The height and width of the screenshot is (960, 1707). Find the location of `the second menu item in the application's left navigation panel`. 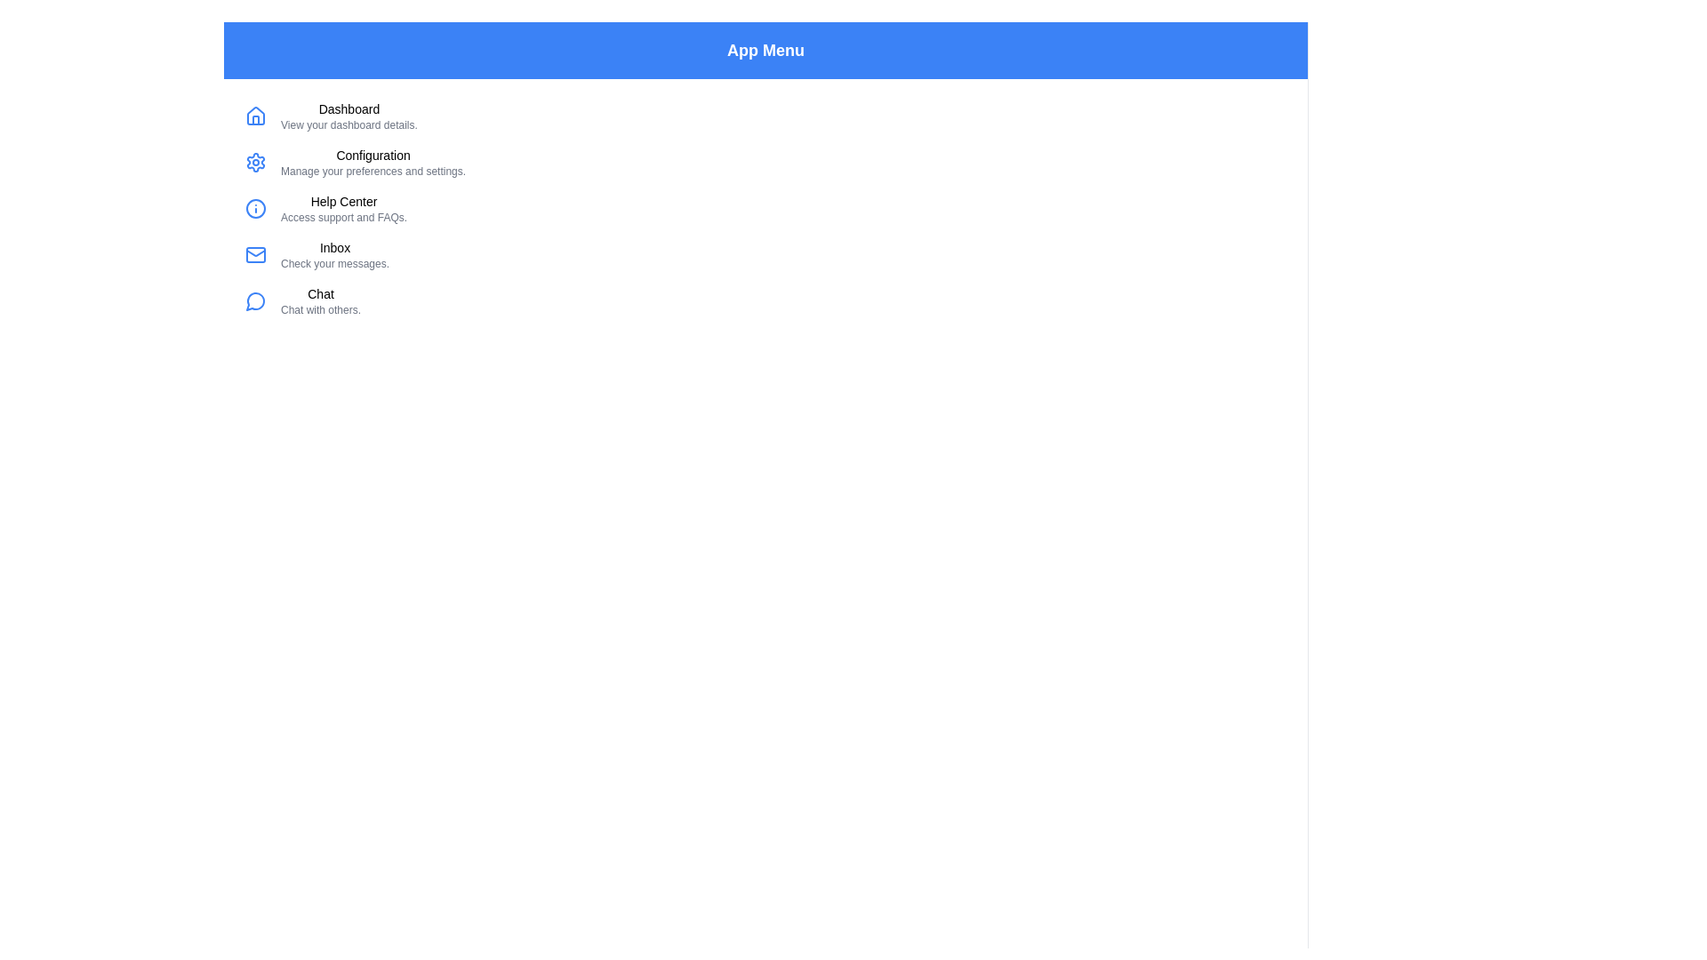

the second menu item in the application's left navigation panel is located at coordinates (373, 162).